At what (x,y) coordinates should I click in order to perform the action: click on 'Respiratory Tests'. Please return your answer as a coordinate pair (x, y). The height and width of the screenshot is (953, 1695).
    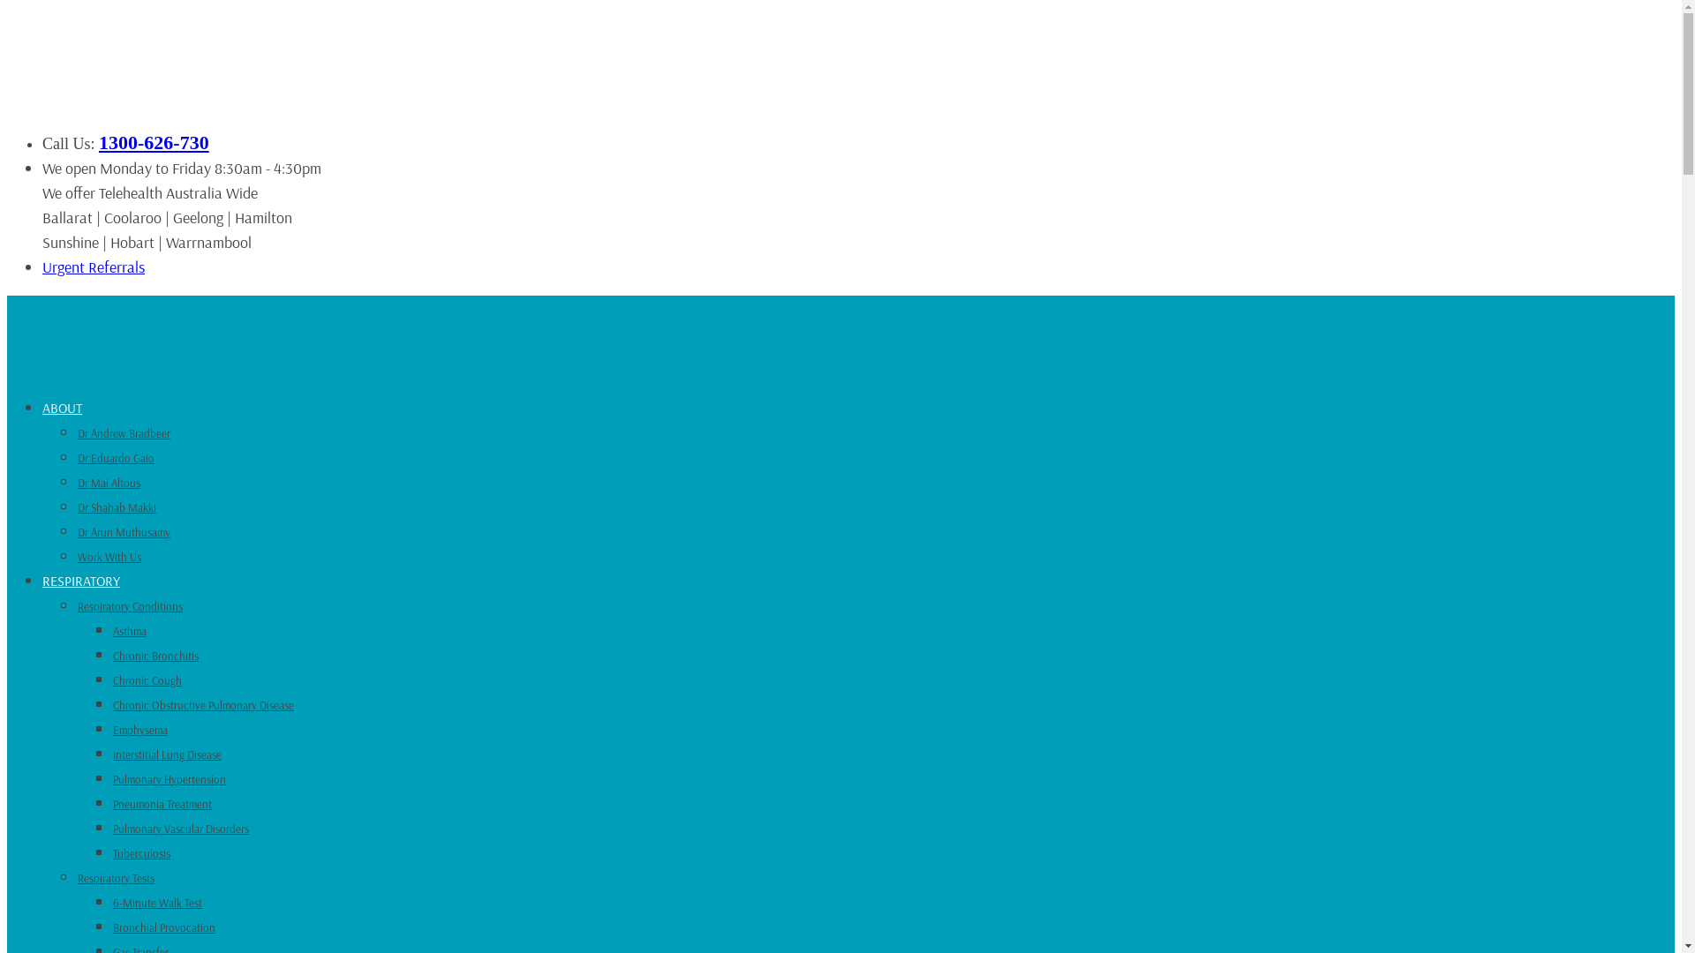
    Looking at the image, I should click on (115, 878).